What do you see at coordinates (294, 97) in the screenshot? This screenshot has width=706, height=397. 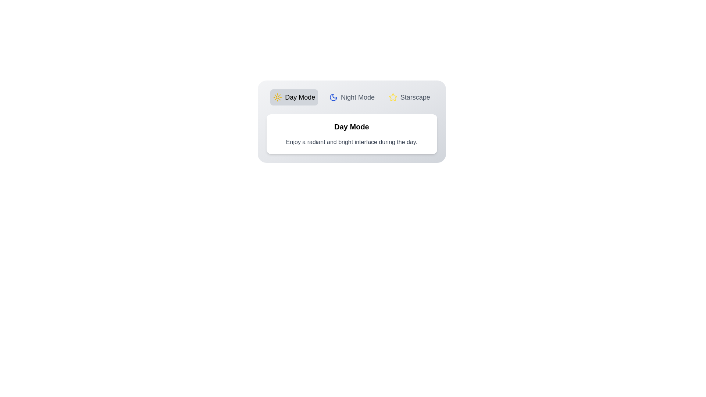 I see `the tab labeled Day Mode to observe its hover effect` at bounding box center [294, 97].